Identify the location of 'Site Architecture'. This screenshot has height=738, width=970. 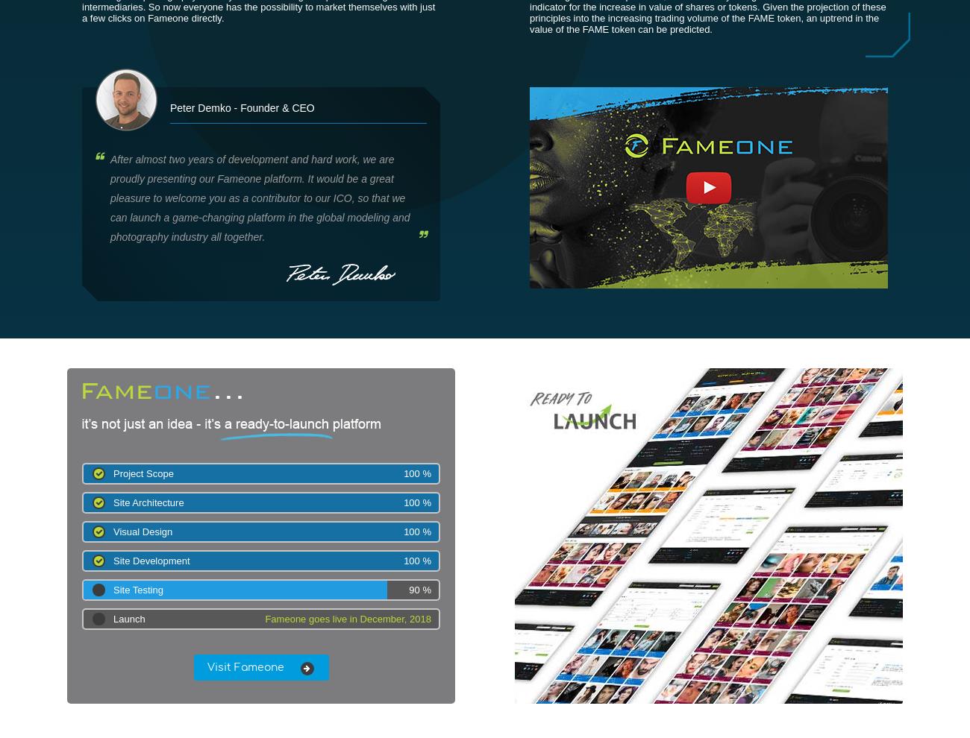
(112, 502).